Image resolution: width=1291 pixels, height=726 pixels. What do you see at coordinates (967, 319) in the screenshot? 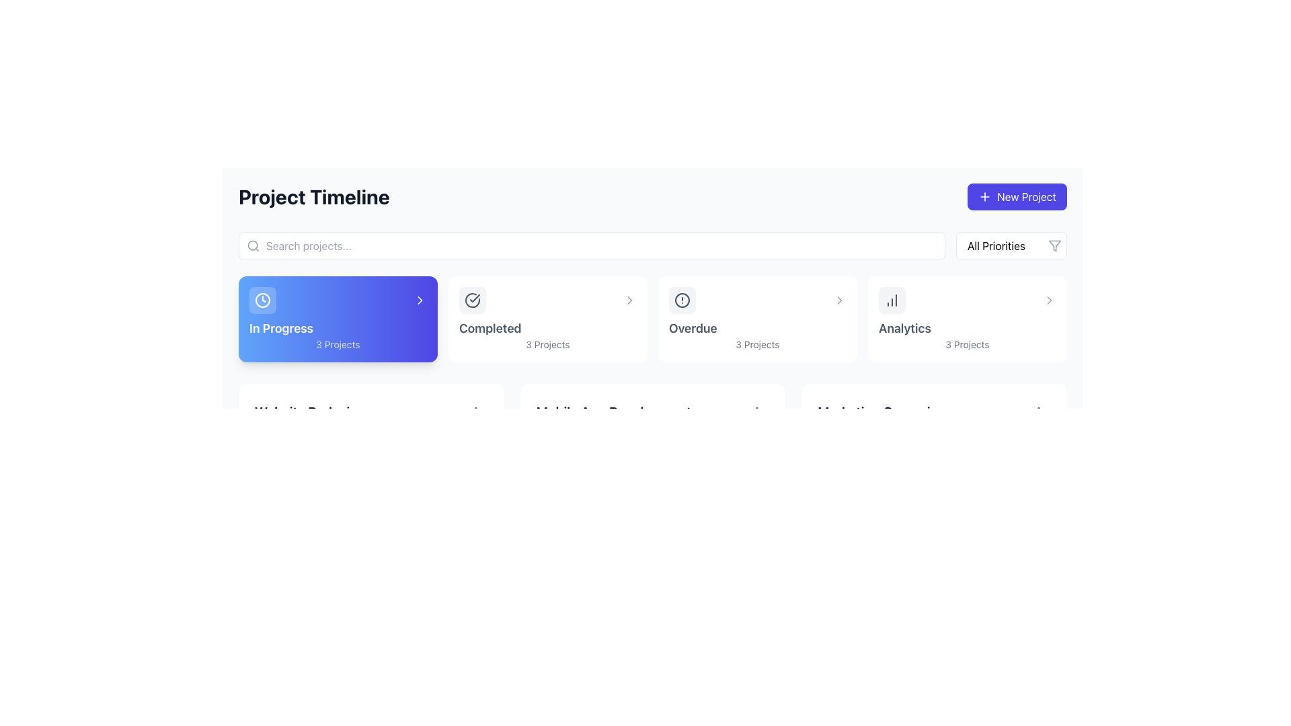
I see `the Button-like Card that summarizes analytics data, located as the fourth card in a grid of four, positioned at the far right of the row, to trigger the tooltip or hover effect` at bounding box center [967, 319].